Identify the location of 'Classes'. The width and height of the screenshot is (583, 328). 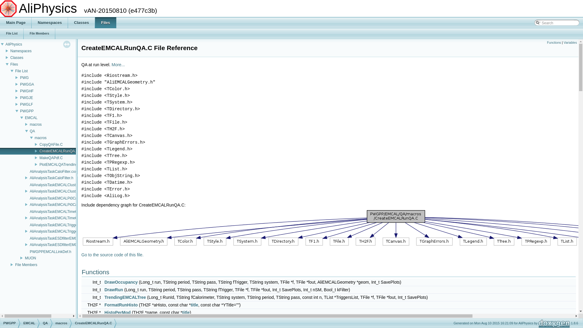
(81, 22).